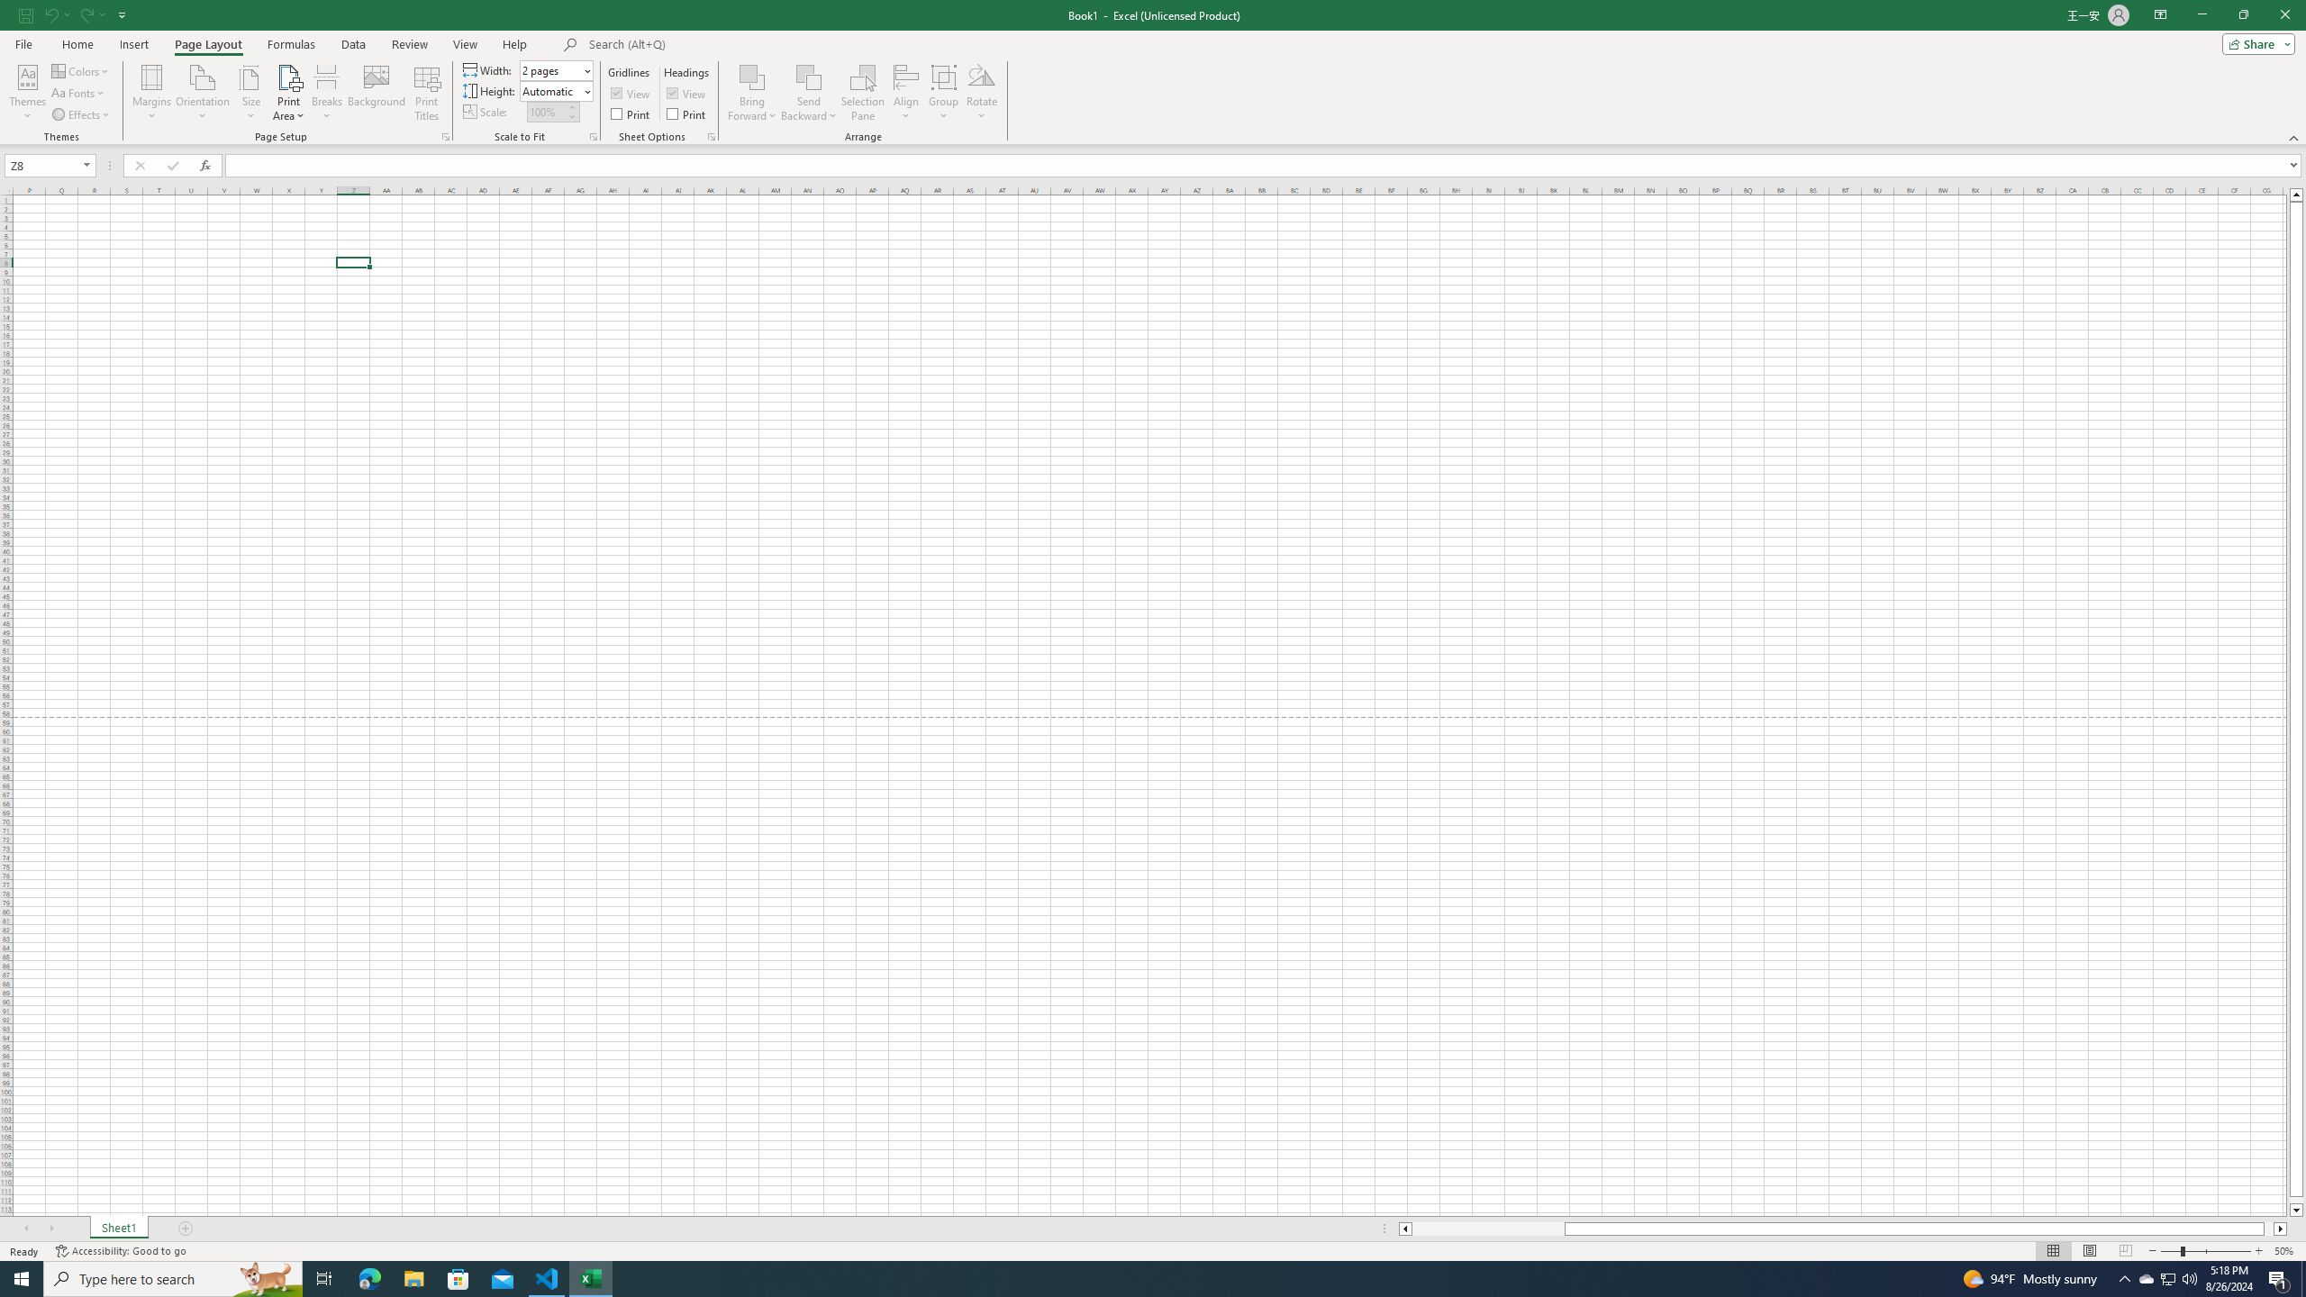  I want to click on 'Less', so click(570, 116).